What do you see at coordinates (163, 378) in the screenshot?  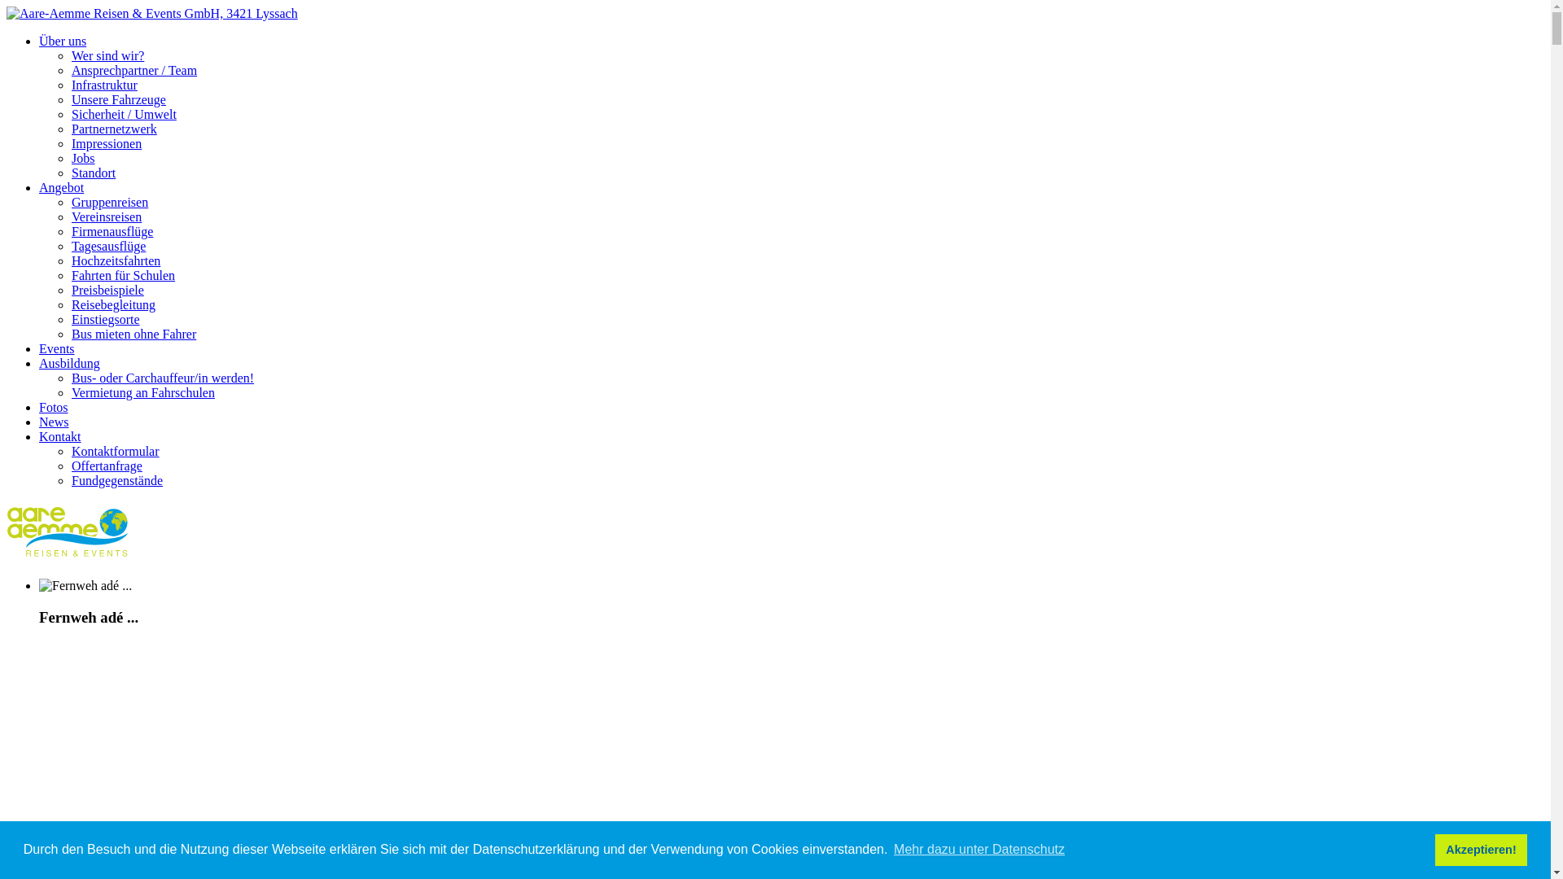 I see `'Bus- oder Carchauffeur/in werden!'` at bounding box center [163, 378].